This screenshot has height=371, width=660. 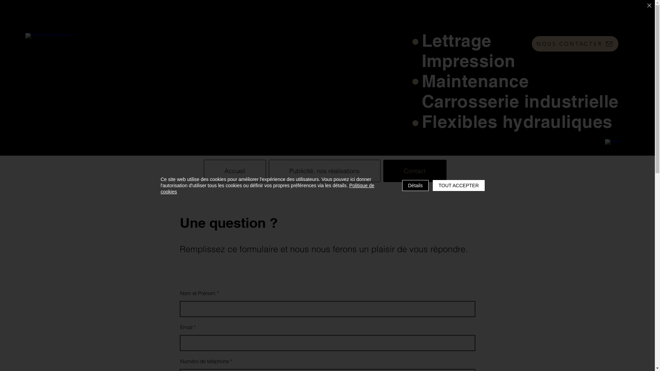 What do you see at coordinates (432, 185) in the screenshot?
I see `'TOUT ACCEPTER'` at bounding box center [432, 185].